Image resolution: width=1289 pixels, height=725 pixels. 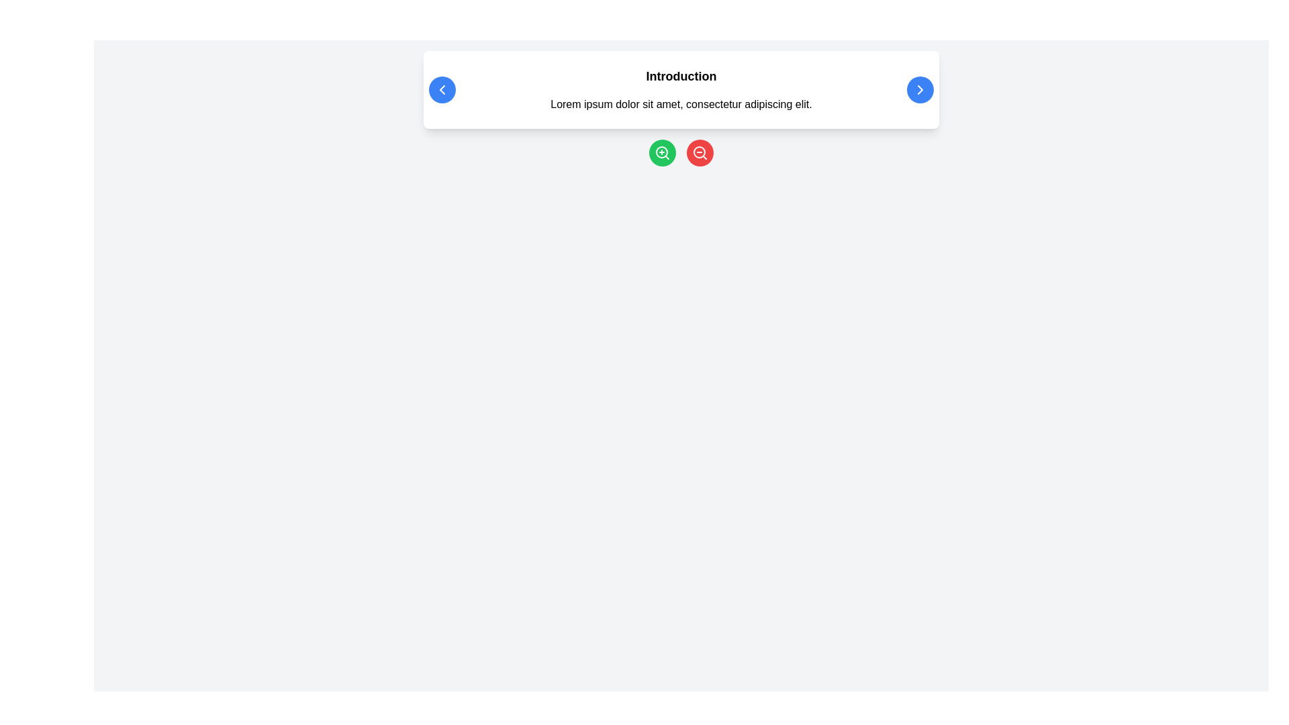 What do you see at coordinates (663, 152) in the screenshot?
I see `the zoom-in icon button located in the lower center of the interface` at bounding box center [663, 152].